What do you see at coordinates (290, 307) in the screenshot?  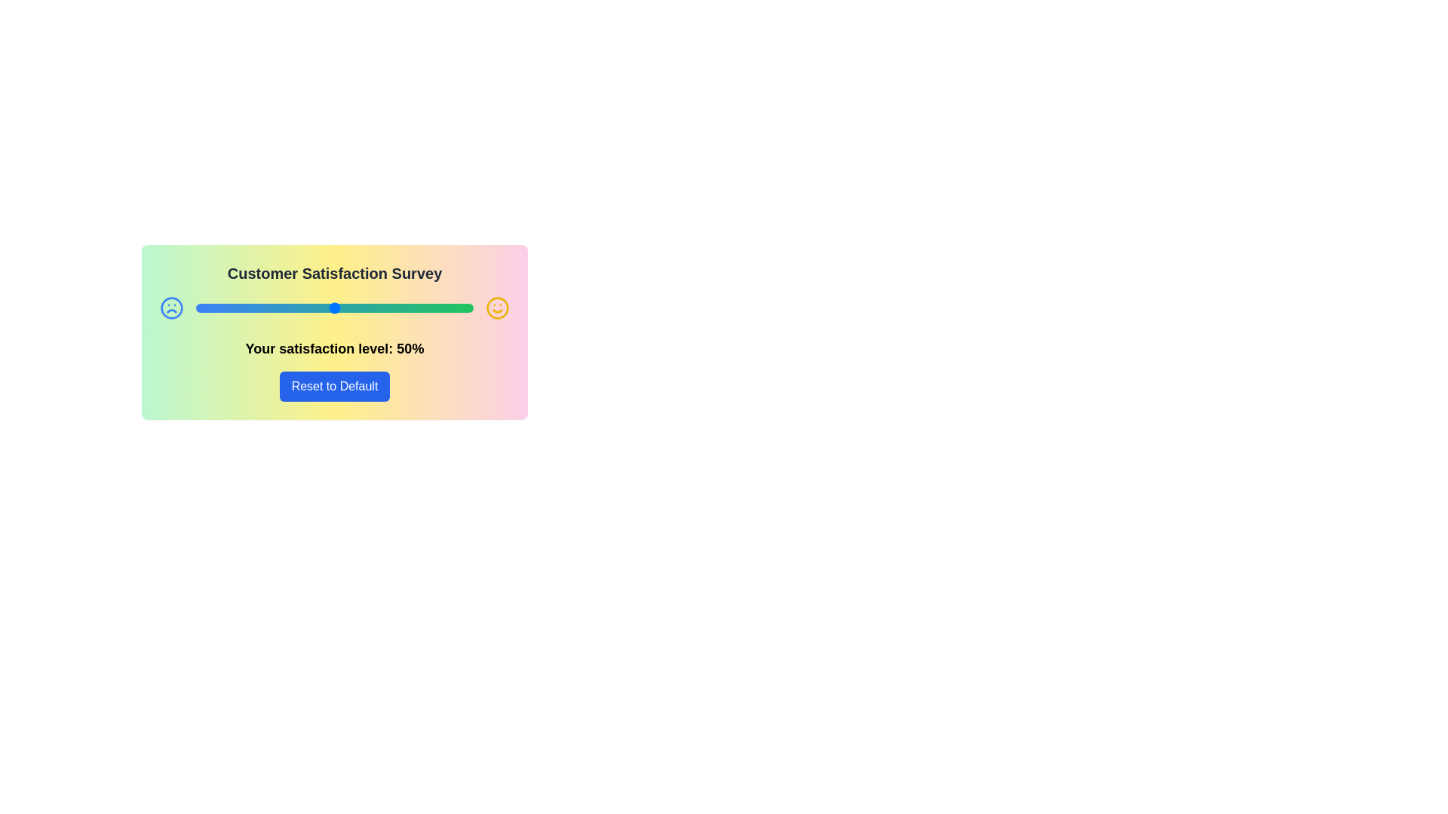 I see `the satisfaction slider to set the satisfaction level to 34` at bounding box center [290, 307].